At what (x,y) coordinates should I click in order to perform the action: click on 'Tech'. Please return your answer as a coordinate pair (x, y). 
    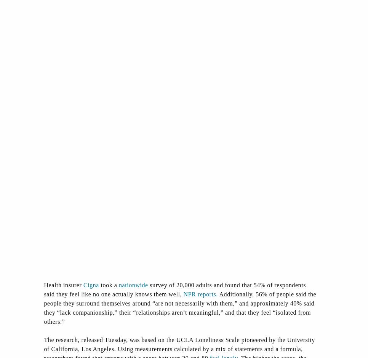
    Looking at the image, I should click on (255, 296).